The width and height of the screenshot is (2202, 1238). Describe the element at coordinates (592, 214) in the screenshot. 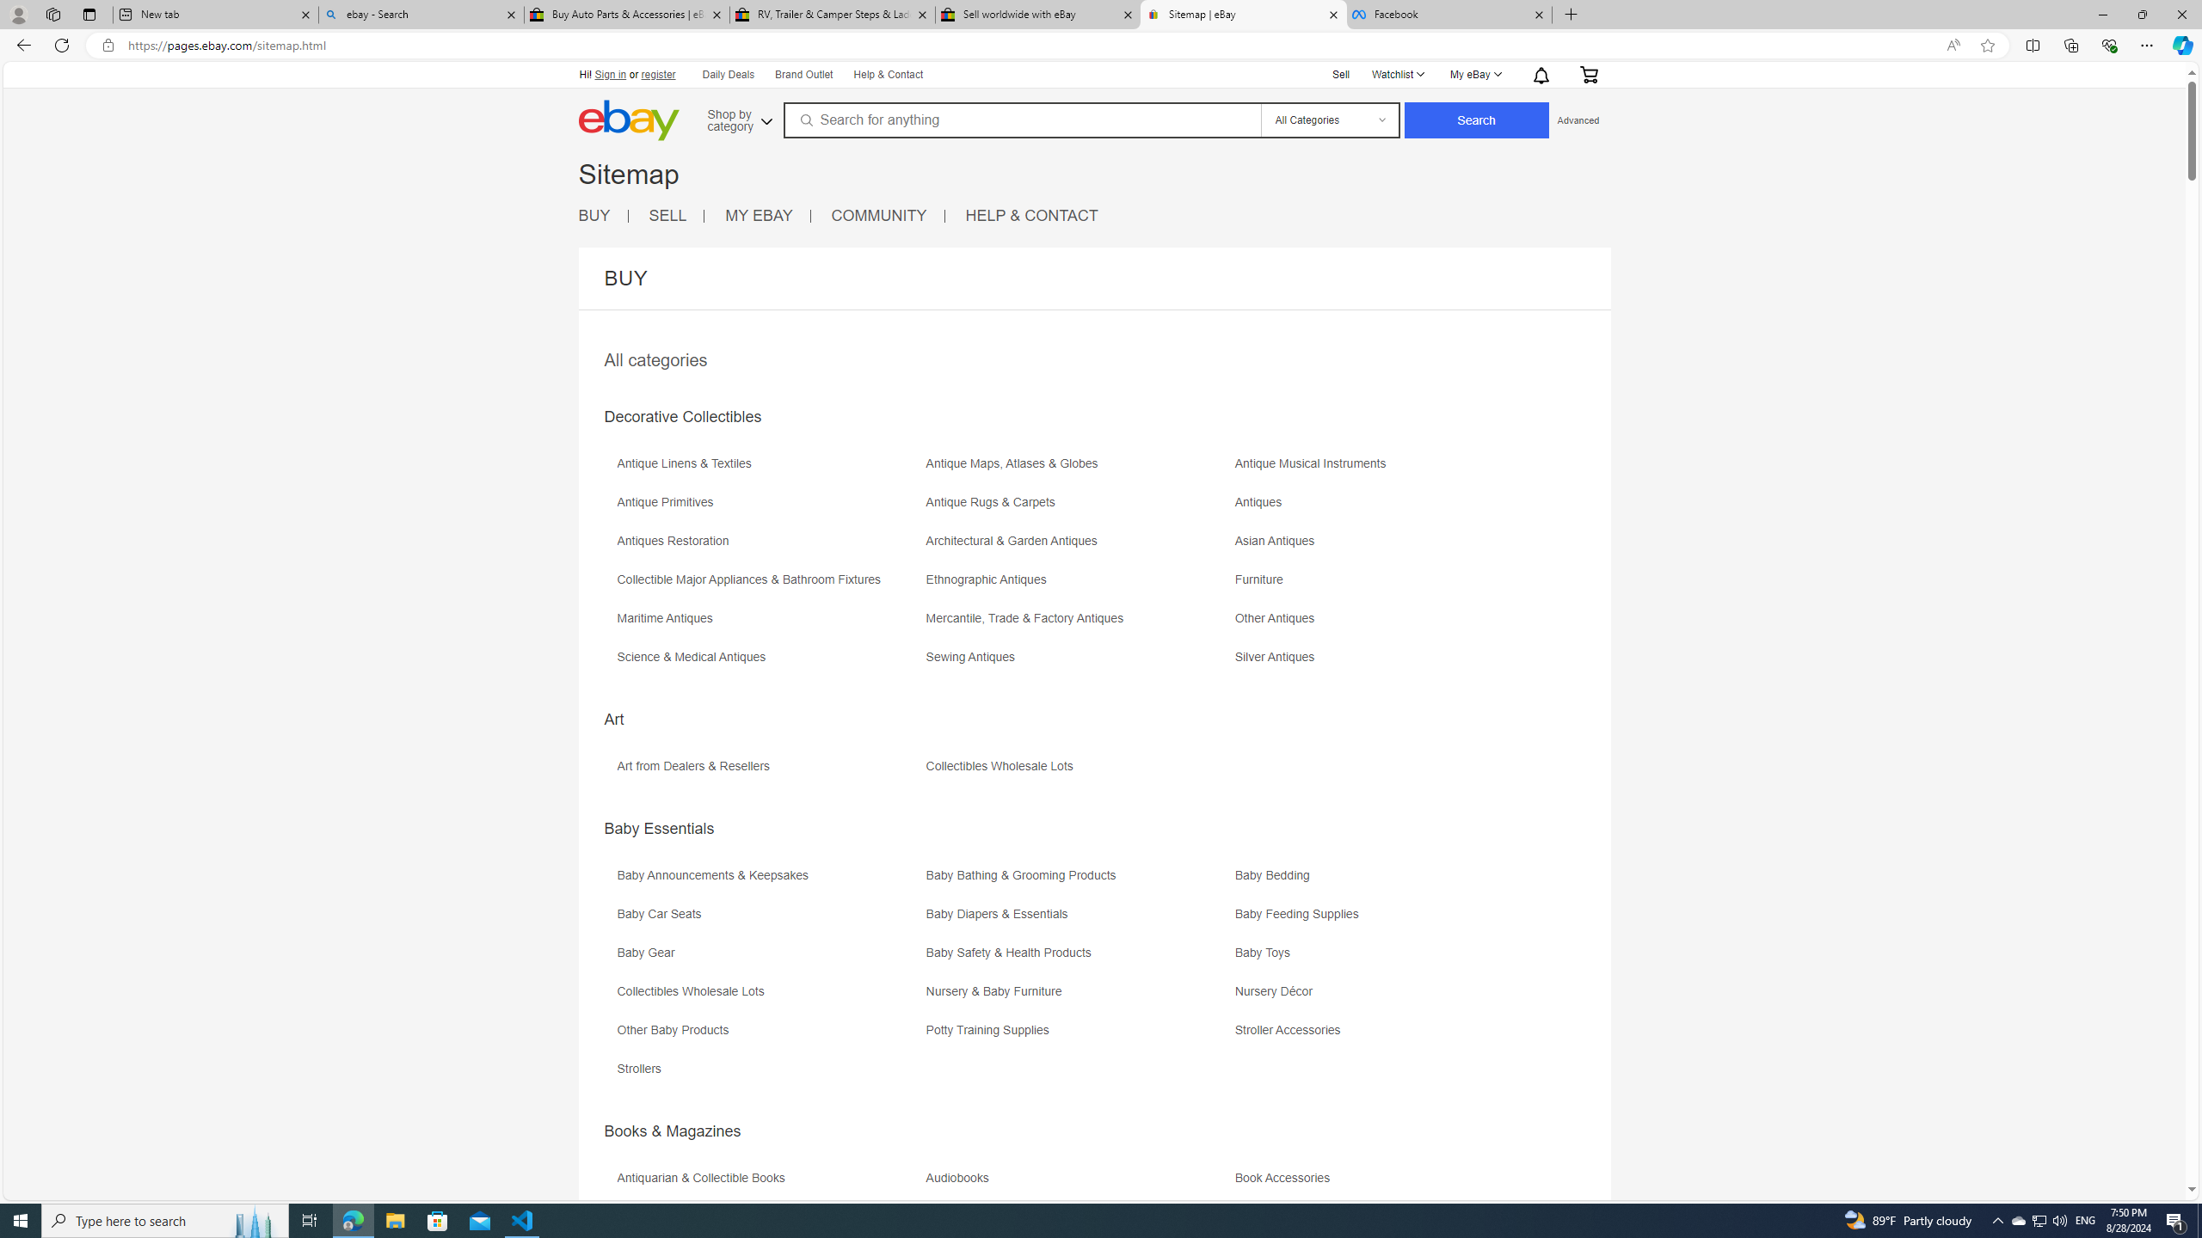

I see `'BUY'` at that location.